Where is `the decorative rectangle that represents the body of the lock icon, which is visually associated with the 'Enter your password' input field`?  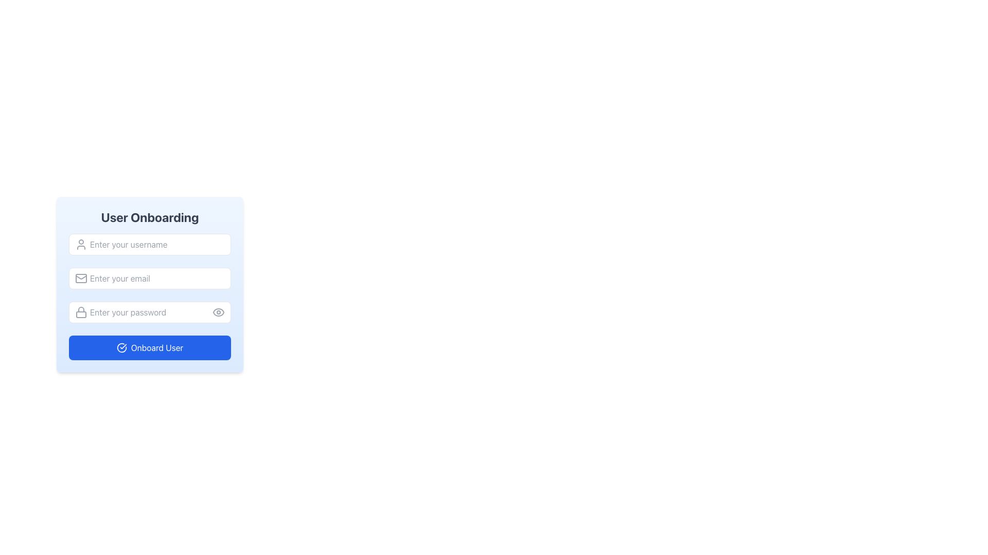 the decorative rectangle that represents the body of the lock icon, which is visually associated with the 'Enter your password' input field is located at coordinates (81, 314).